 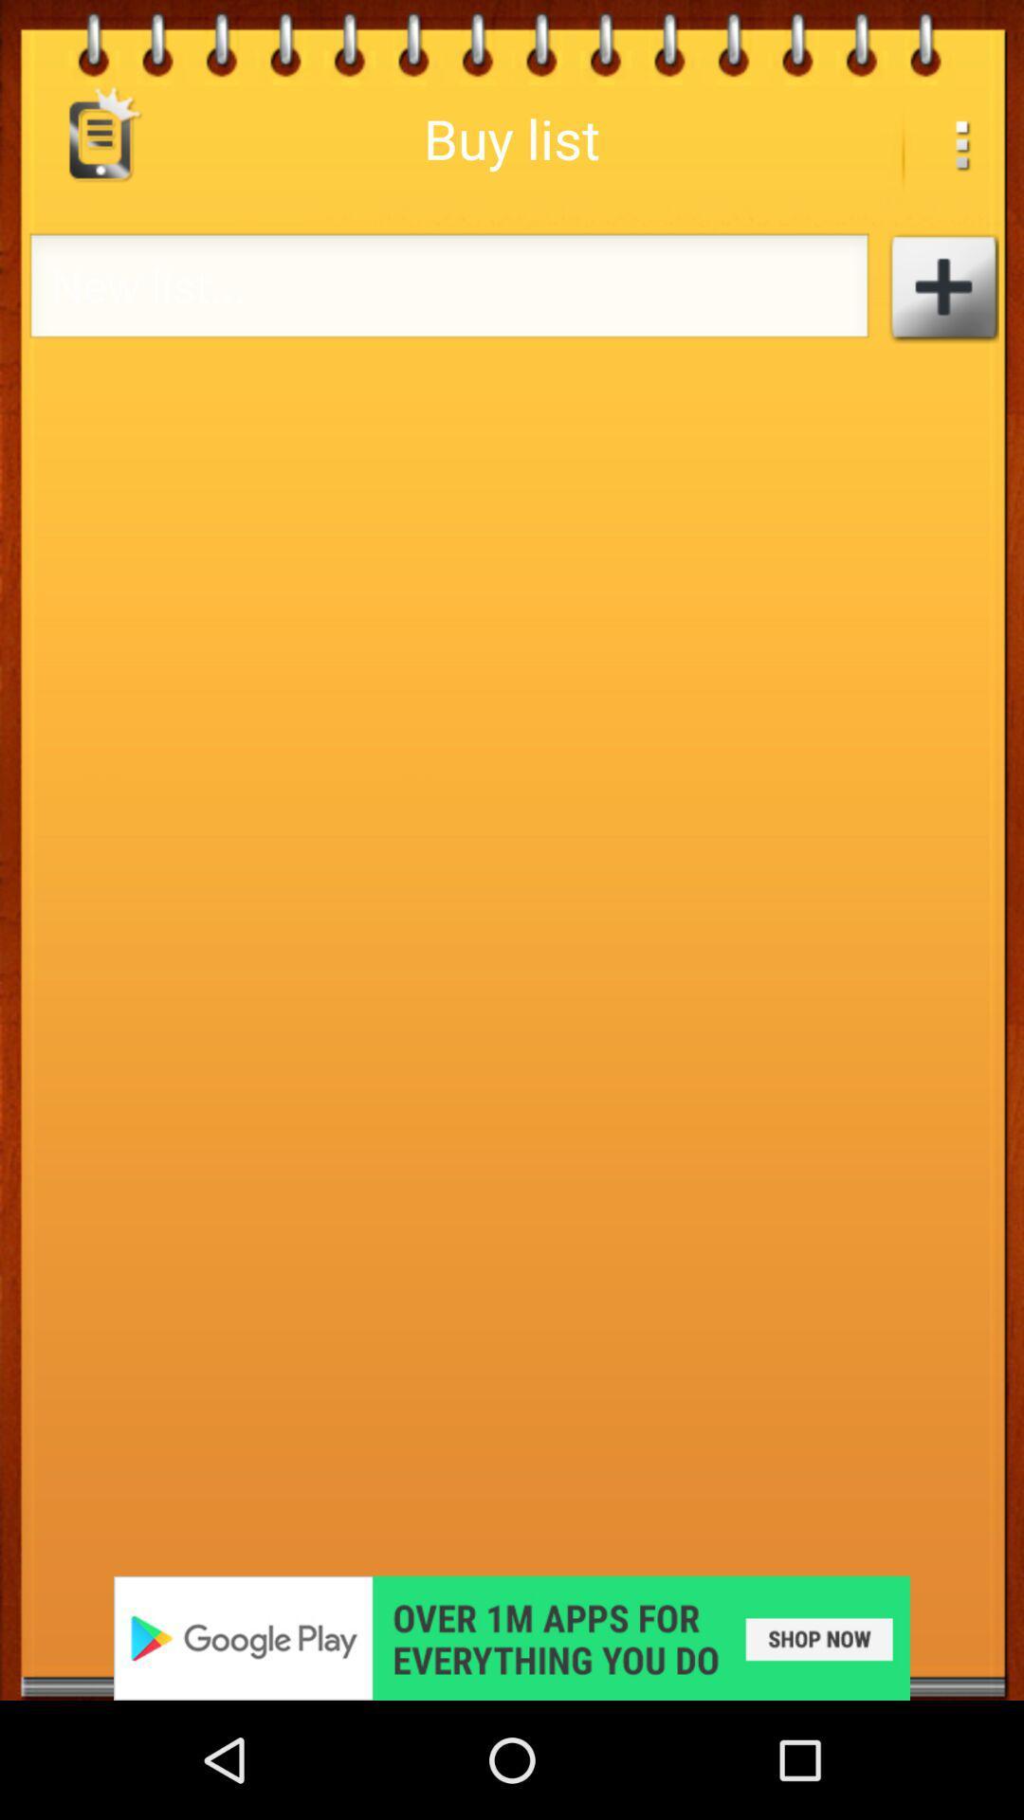 I want to click on text, so click(x=942, y=286).